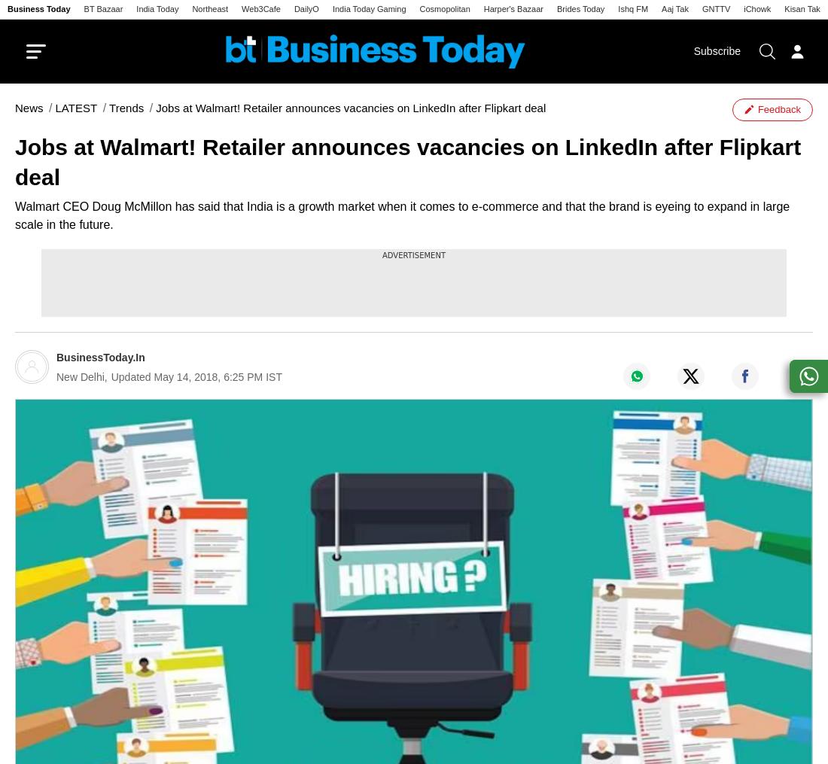 The height and width of the screenshot is (764, 828). What do you see at coordinates (32, 102) in the screenshot?
I see `'Home'` at bounding box center [32, 102].